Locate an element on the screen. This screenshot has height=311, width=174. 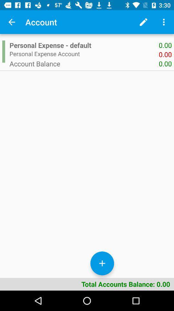
the app to the right of account item is located at coordinates (143, 22).